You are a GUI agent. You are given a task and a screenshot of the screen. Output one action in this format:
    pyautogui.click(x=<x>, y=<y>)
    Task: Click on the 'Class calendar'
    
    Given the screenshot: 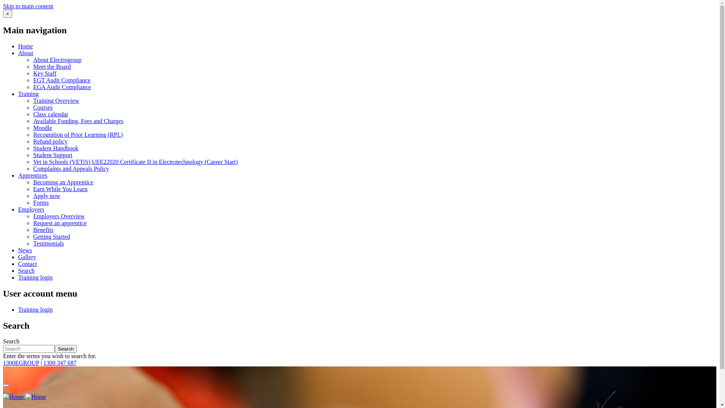 What is the action you would take?
    pyautogui.click(x=50, y=114)
    